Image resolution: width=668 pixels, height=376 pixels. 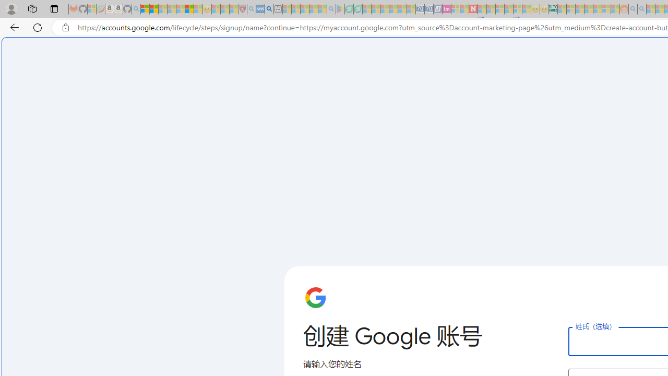 I want to click on 'utah sues federal government - Search', so click(x=269, y=9).